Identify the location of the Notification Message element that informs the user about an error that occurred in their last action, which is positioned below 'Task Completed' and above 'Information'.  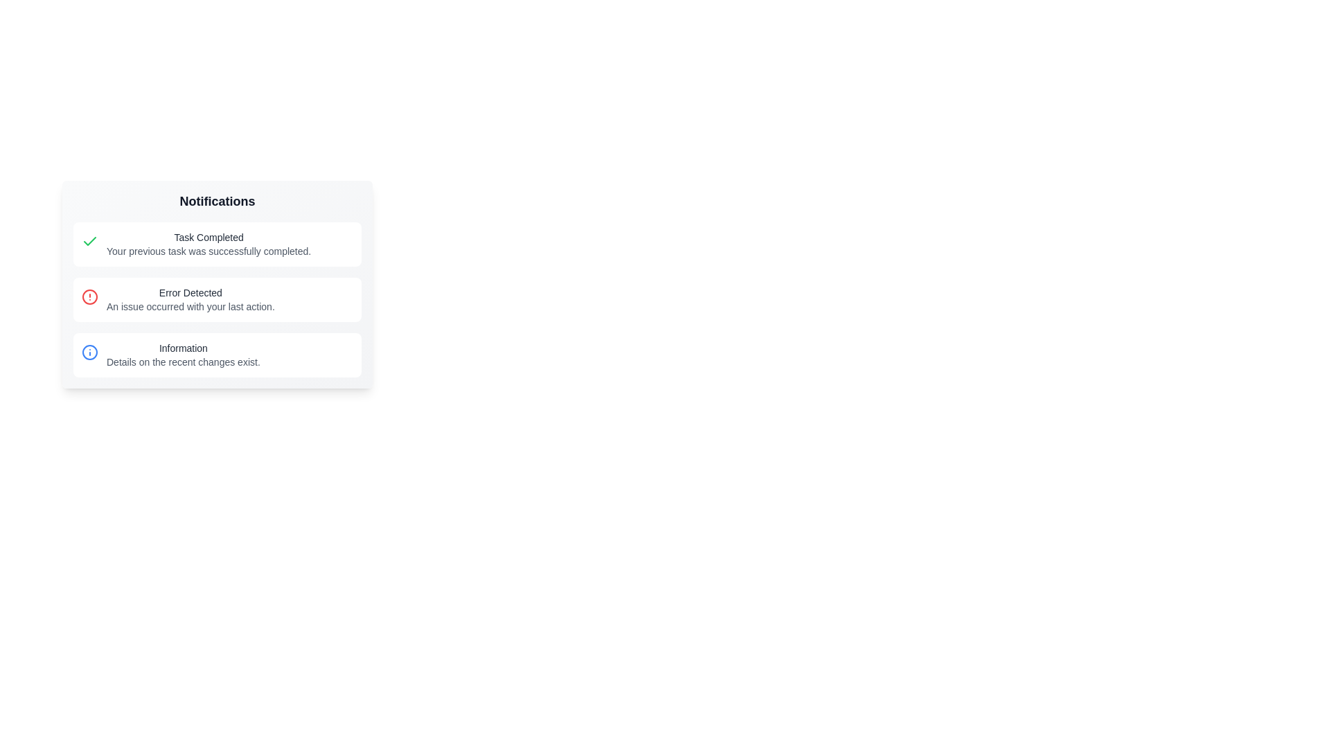
(190, 299).